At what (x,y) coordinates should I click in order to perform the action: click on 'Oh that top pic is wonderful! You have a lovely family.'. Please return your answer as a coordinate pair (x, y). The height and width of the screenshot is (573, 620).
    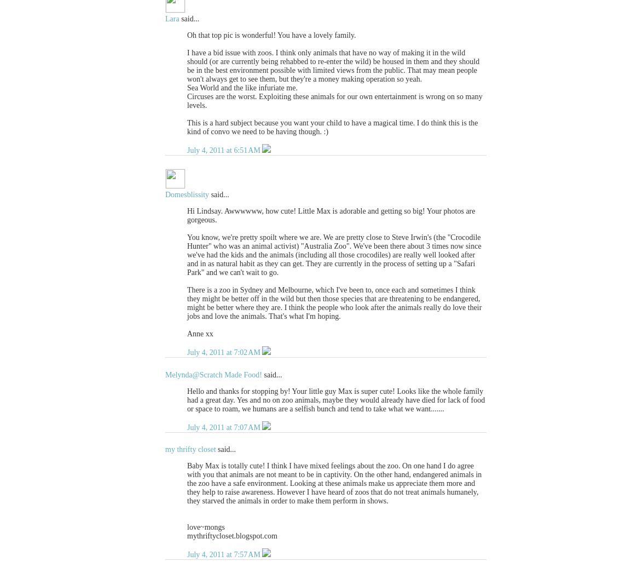
    Looking at the image, I should click on (271, 35).